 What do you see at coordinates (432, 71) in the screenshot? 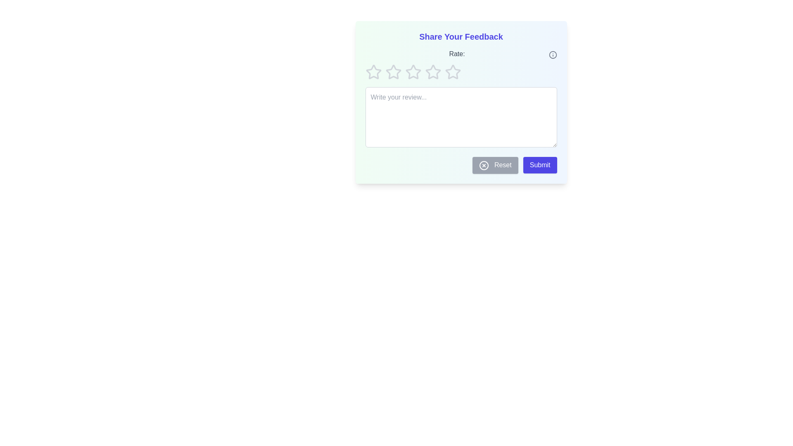
I see `the star corresponding to 4 to preview the rating` at bounding box center [432, 71].